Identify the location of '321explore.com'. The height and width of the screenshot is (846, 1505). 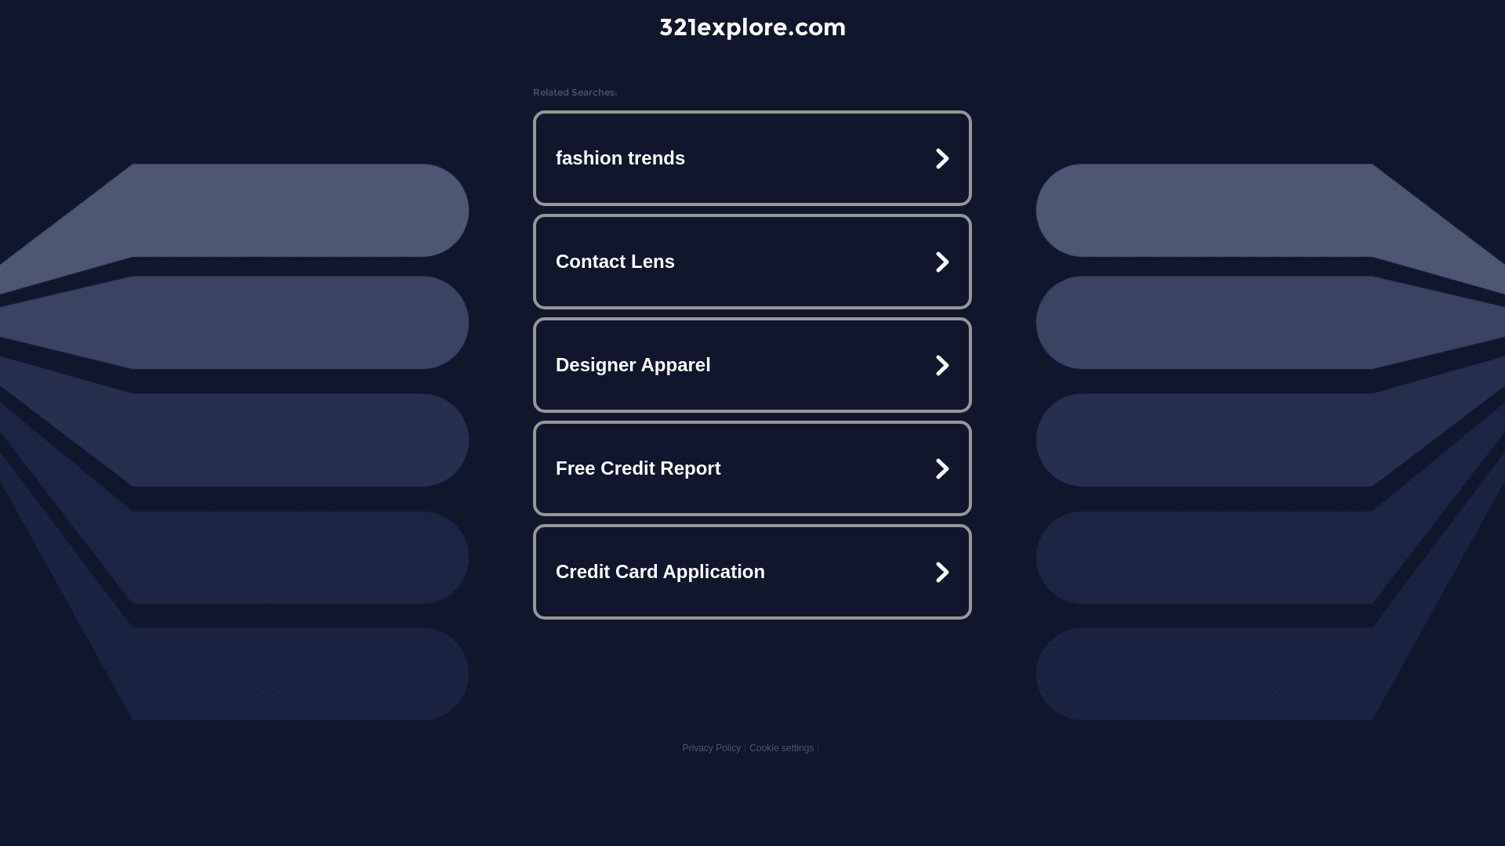
(752, 27).